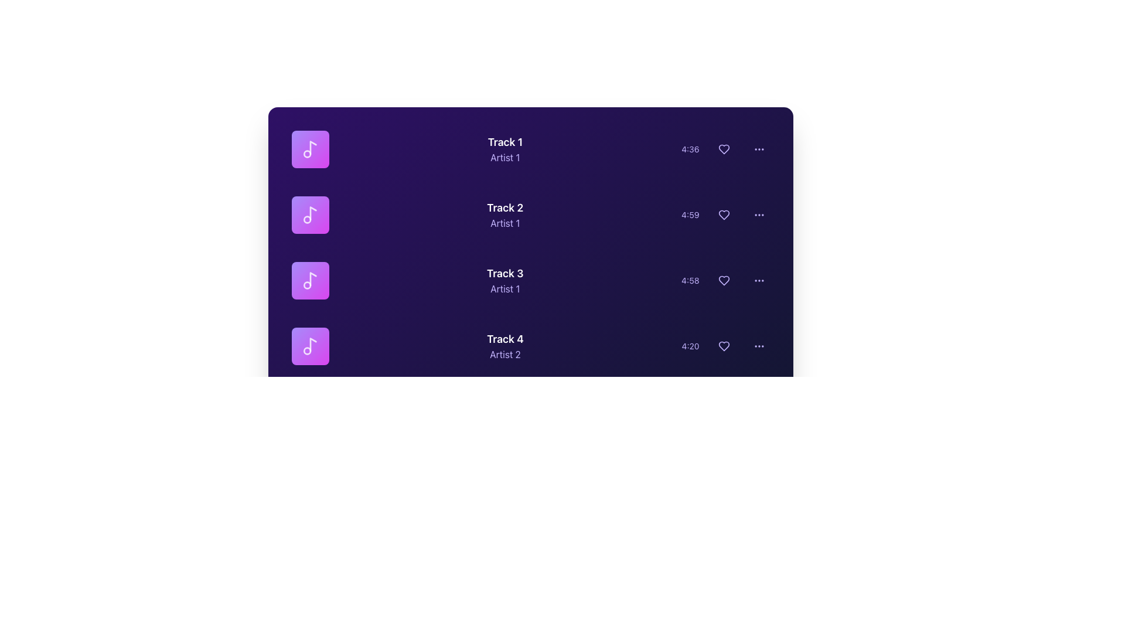 The height and width of the screenshot is (633, 1125). I want to click on the button located at the rightmost side of the row associated with 'Track 3', so click(759, 280).